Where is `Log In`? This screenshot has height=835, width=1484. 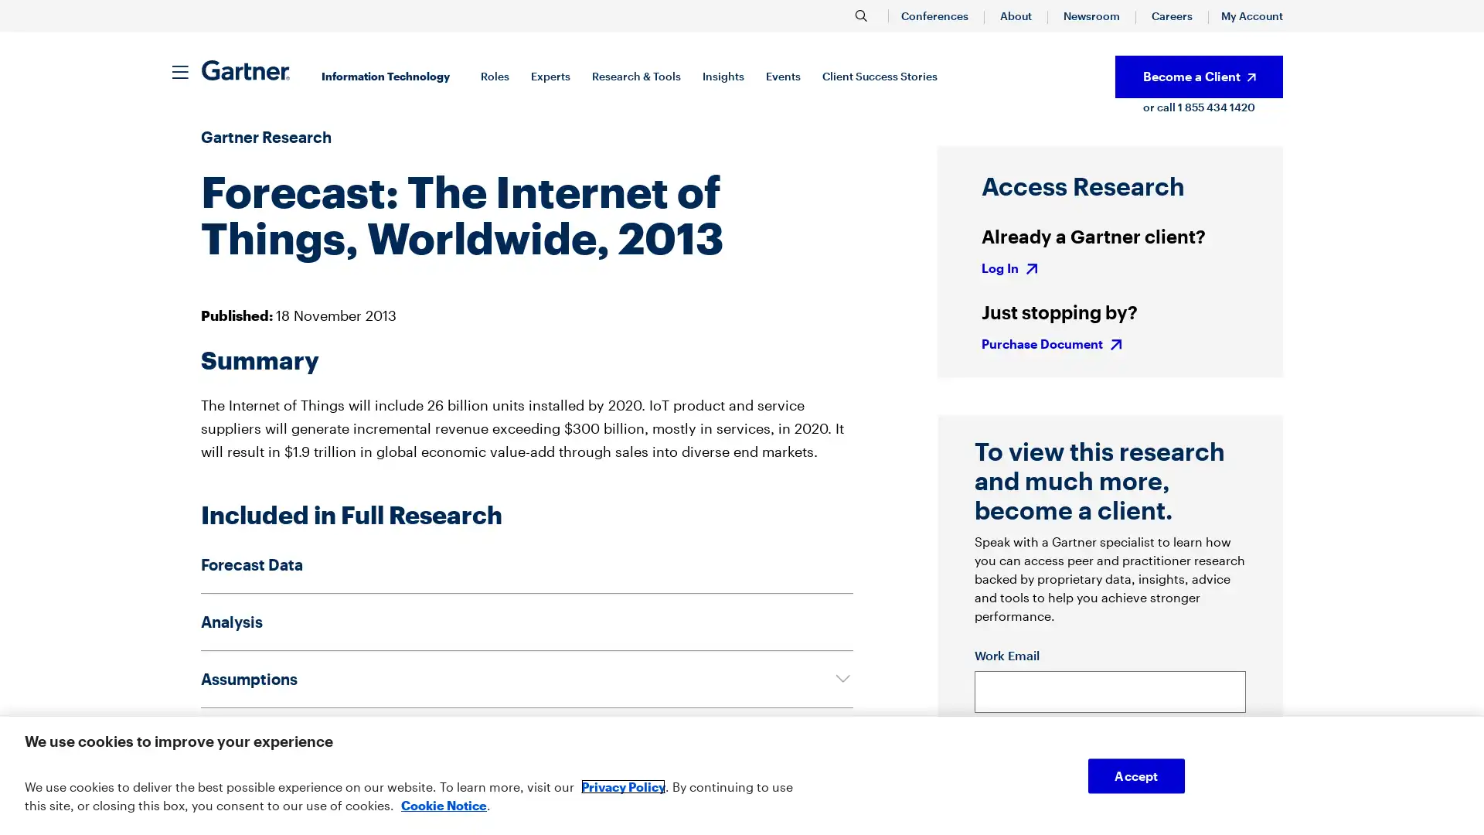
Log In is located at coordinates (1012, 267).